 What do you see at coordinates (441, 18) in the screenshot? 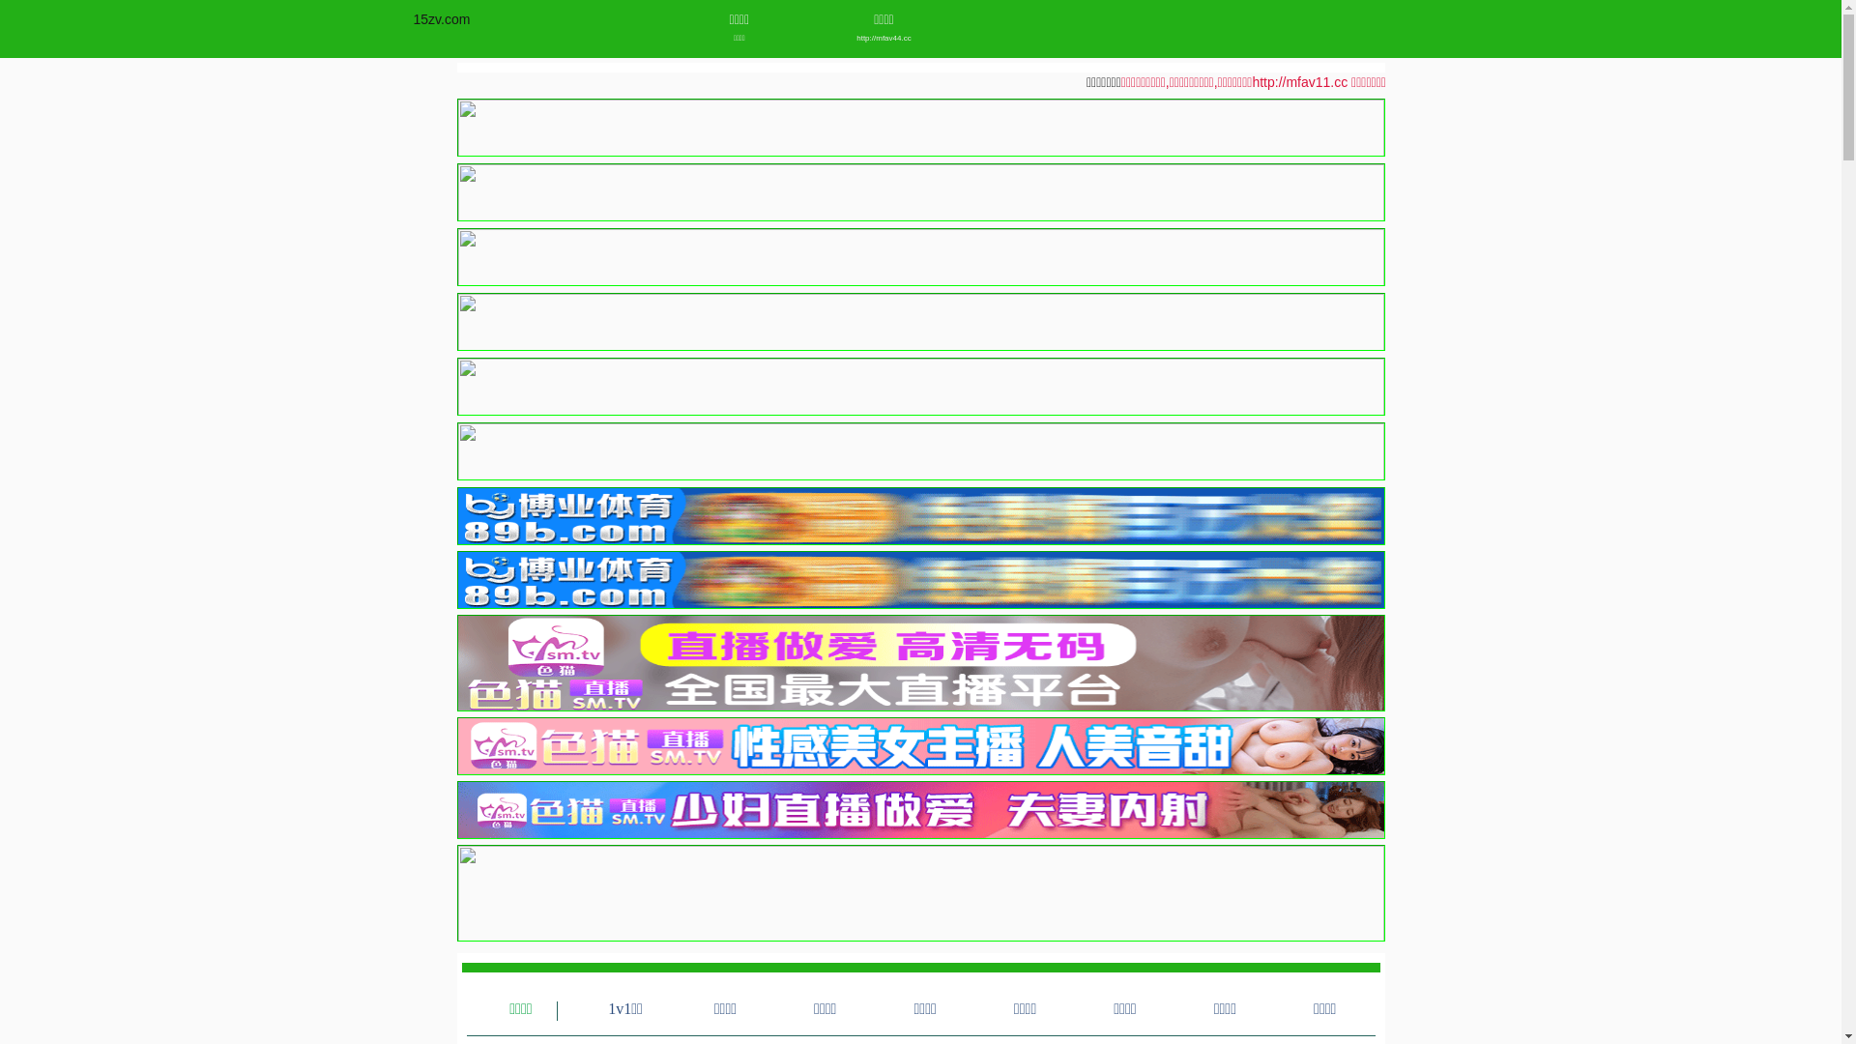
I see `'15zv.com'` at bounding box center [441, 18].